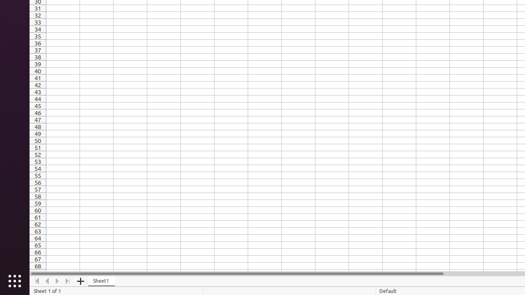 The image size is (525, 295). I want to click on 'Show Applications', so click(14, 281).